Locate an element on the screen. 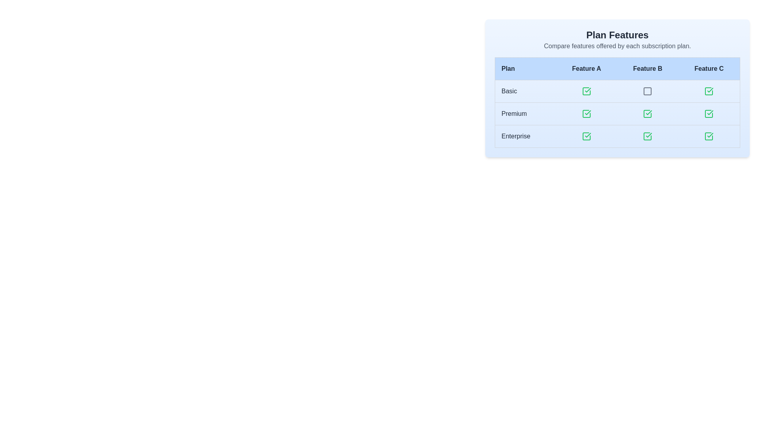 Image resolution: width=760 pixels, height=427 pixels. the text content of the Text Block that introduces and describes the subscription plan comparison table, located at the top of a blue box is located at coordinates (617, 40).